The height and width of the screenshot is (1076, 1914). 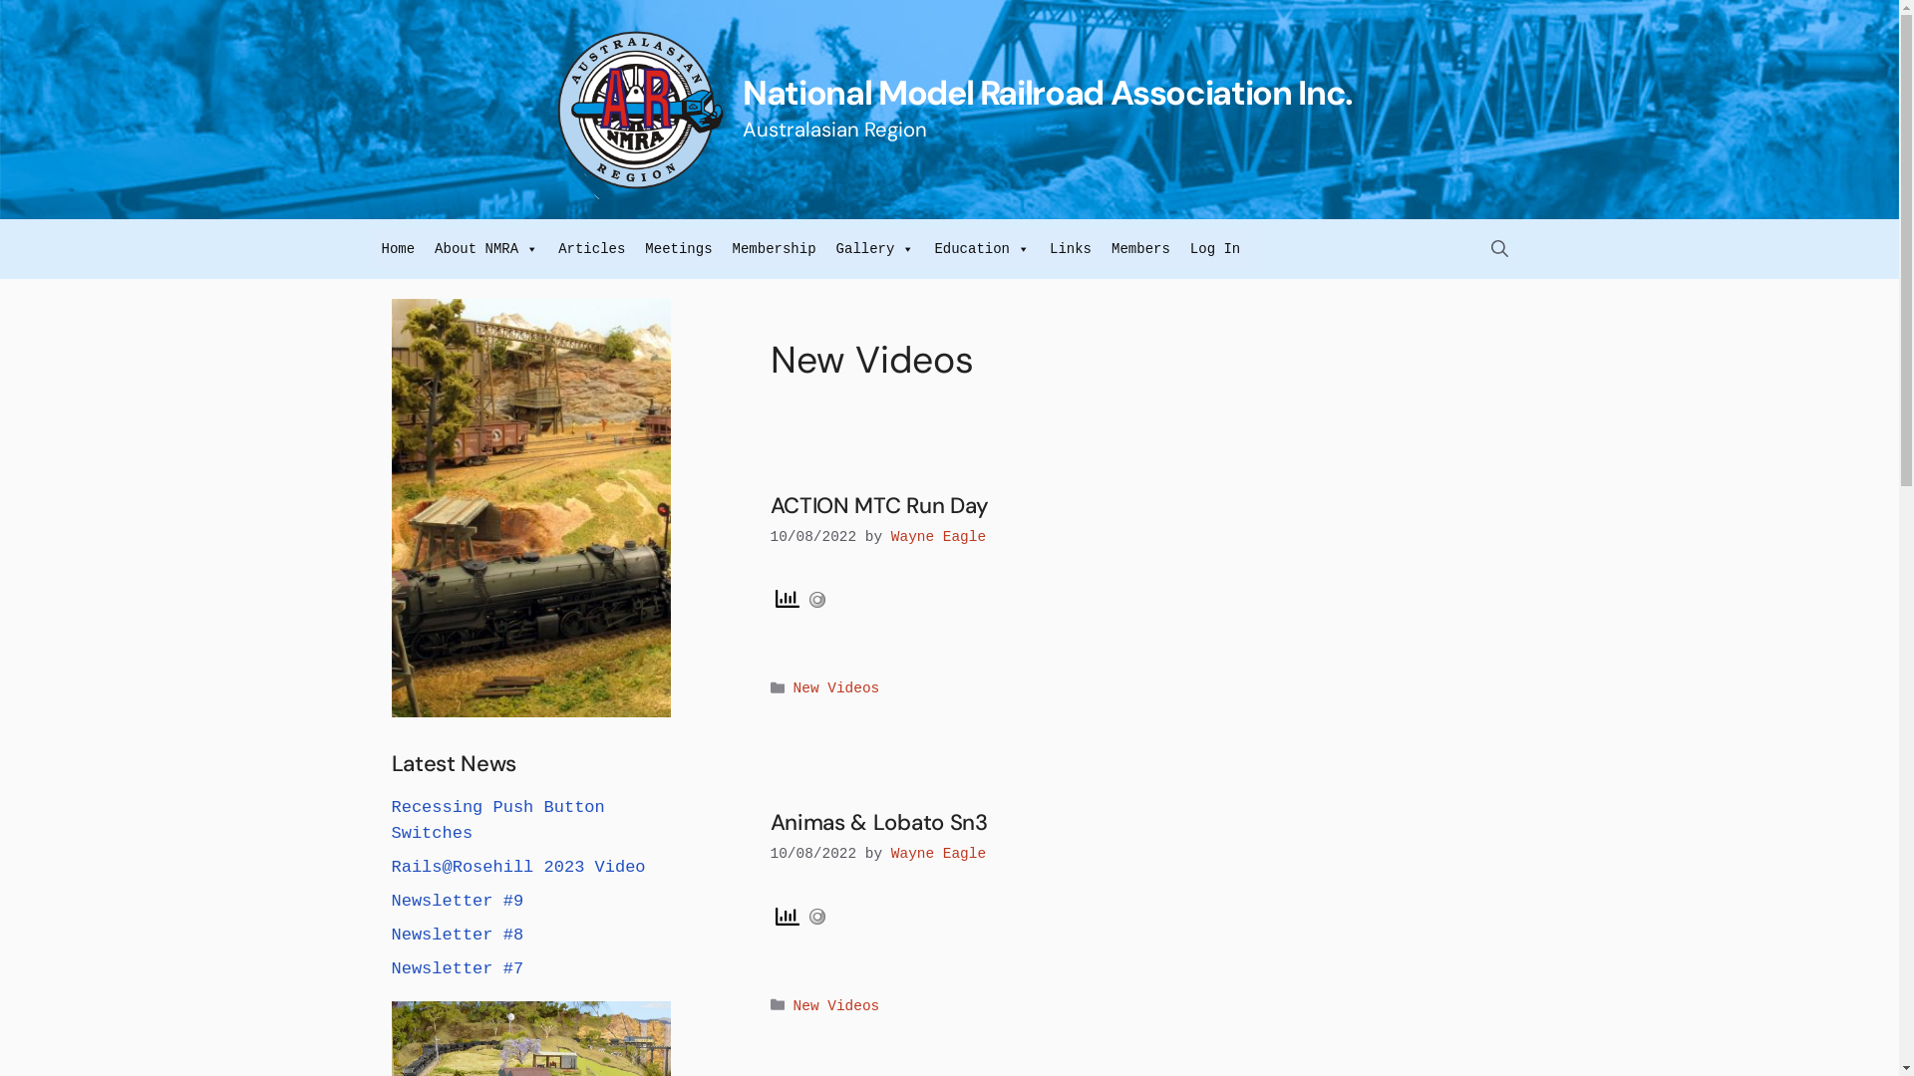 What do you see at coordinates (793, 687) in the screenshot?
I see `'New Videos'` at bounding box center [793, 687].